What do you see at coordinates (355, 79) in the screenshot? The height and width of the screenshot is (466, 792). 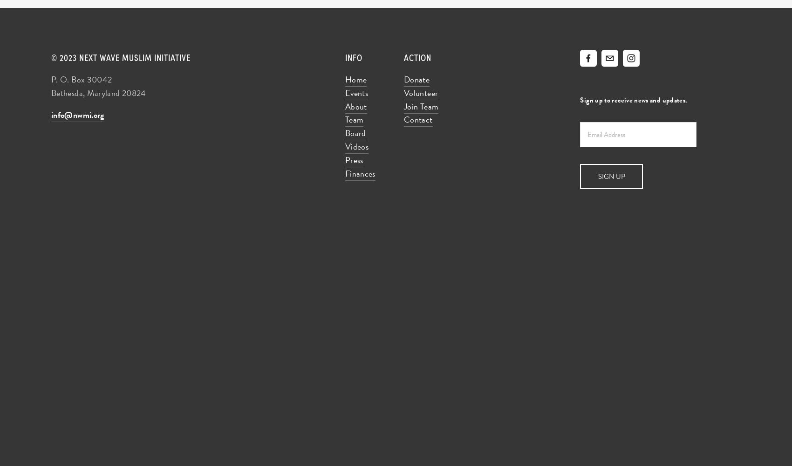 I see `'Home'` at bounding box center [355, 79].